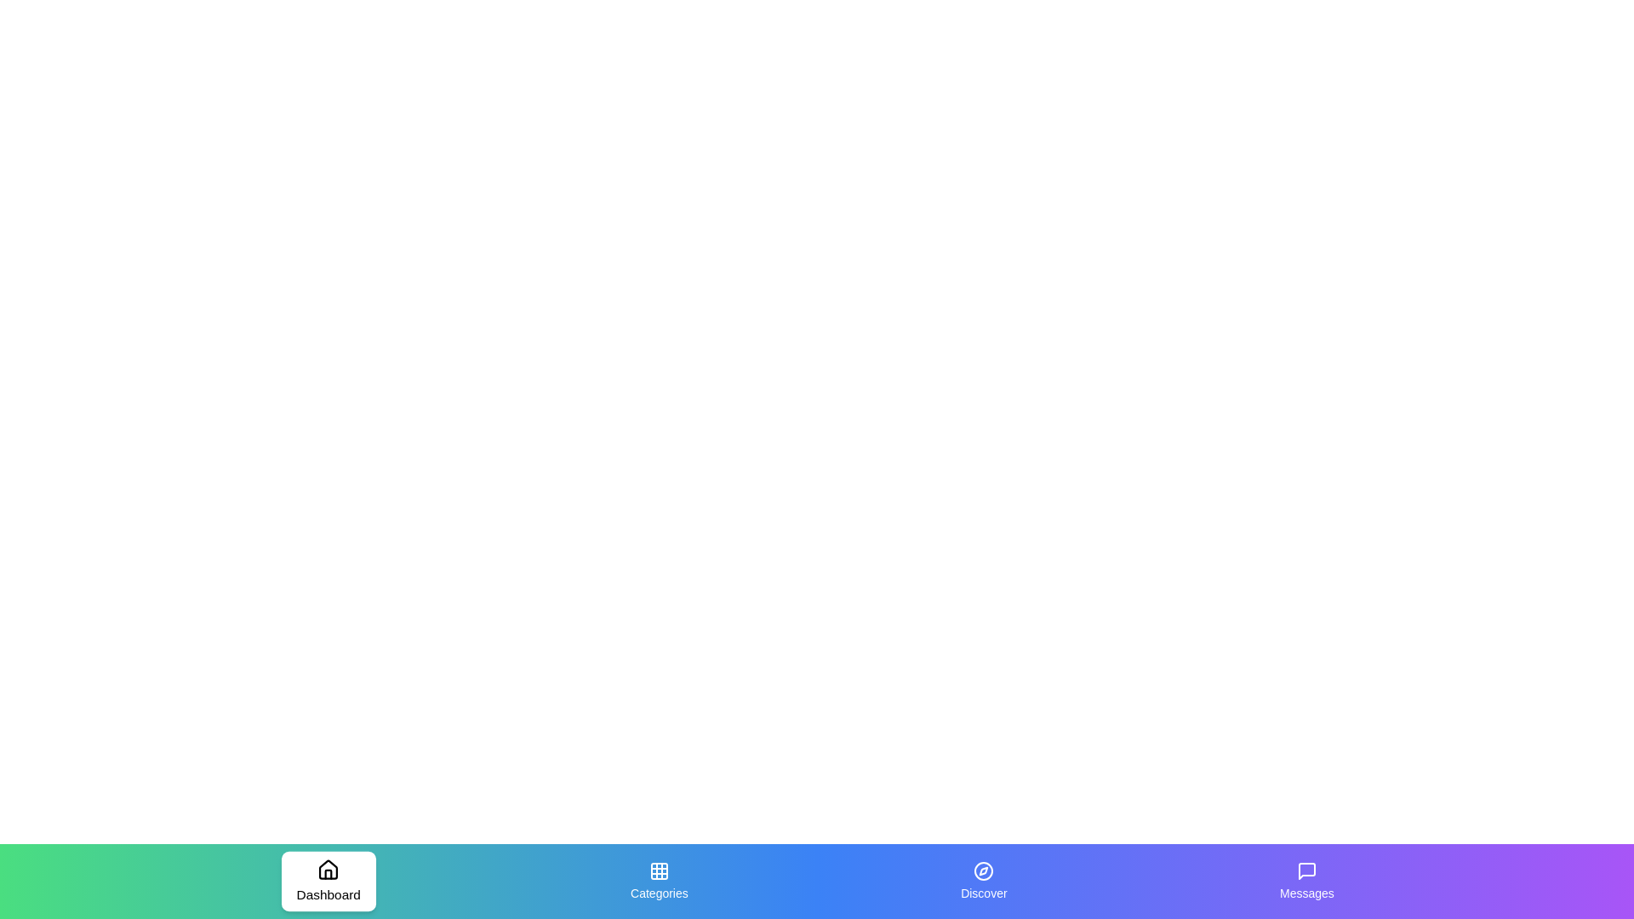  I want to click on the Dashboard tab by clicking on its icon or label, so click(328, 881).